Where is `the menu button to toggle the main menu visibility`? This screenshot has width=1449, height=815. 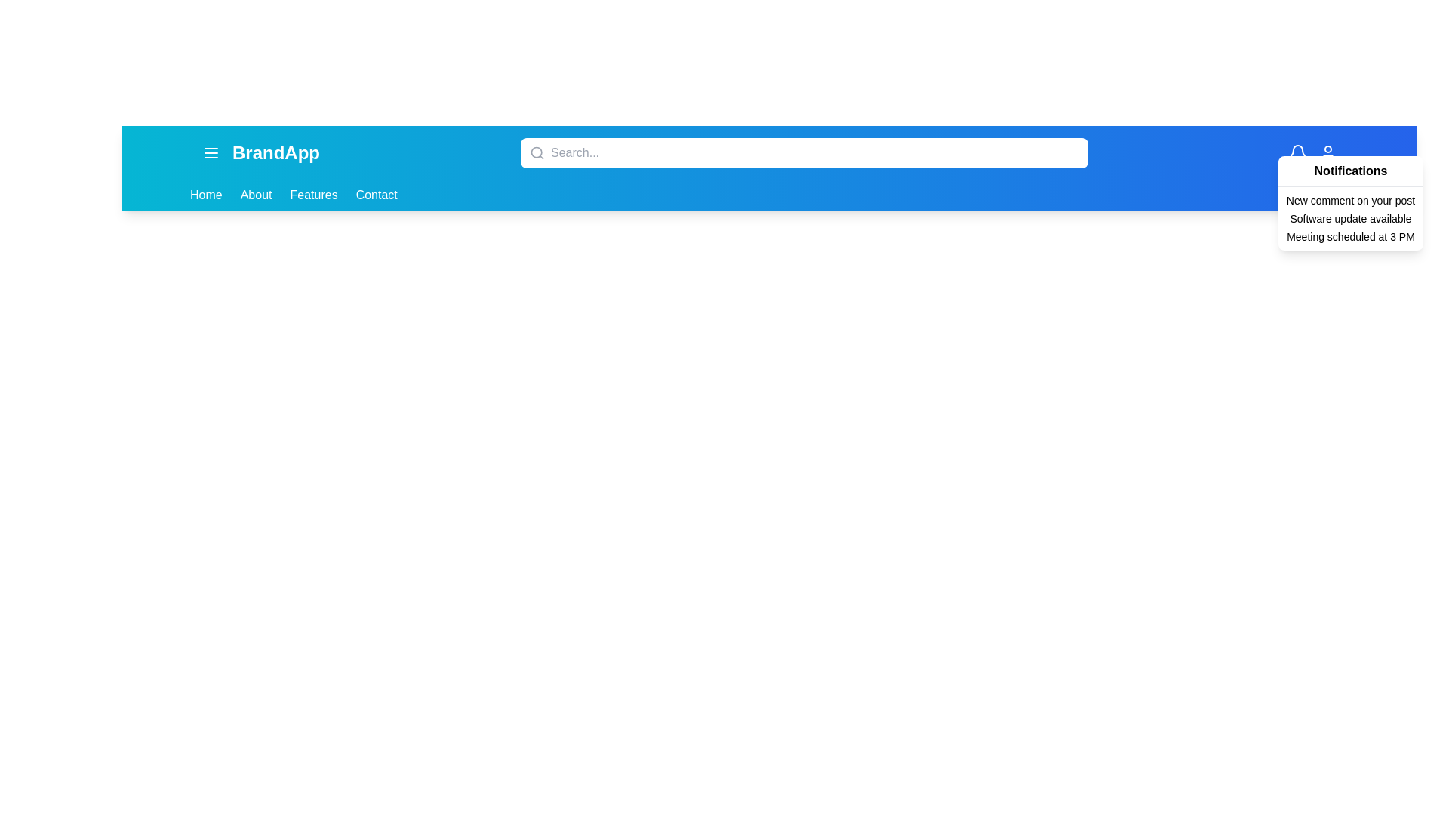
the menu button to toggle the main menu visibility is located at coordinates (210, 153).